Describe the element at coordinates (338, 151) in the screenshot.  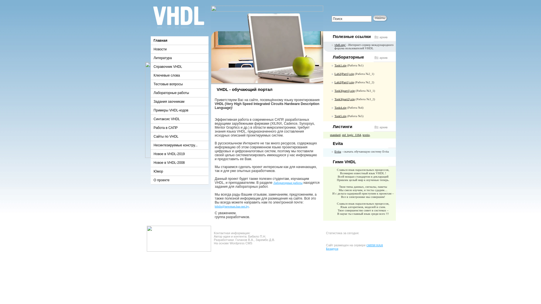
I see `'Evita'` at that location.